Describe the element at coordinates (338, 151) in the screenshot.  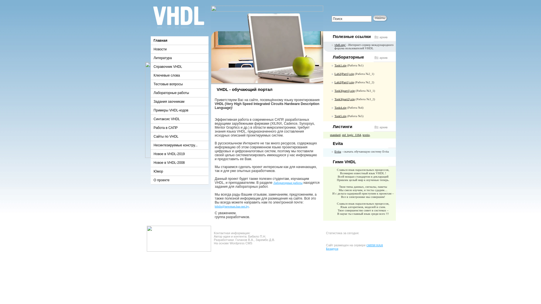
I see `'Evita'` at that location.